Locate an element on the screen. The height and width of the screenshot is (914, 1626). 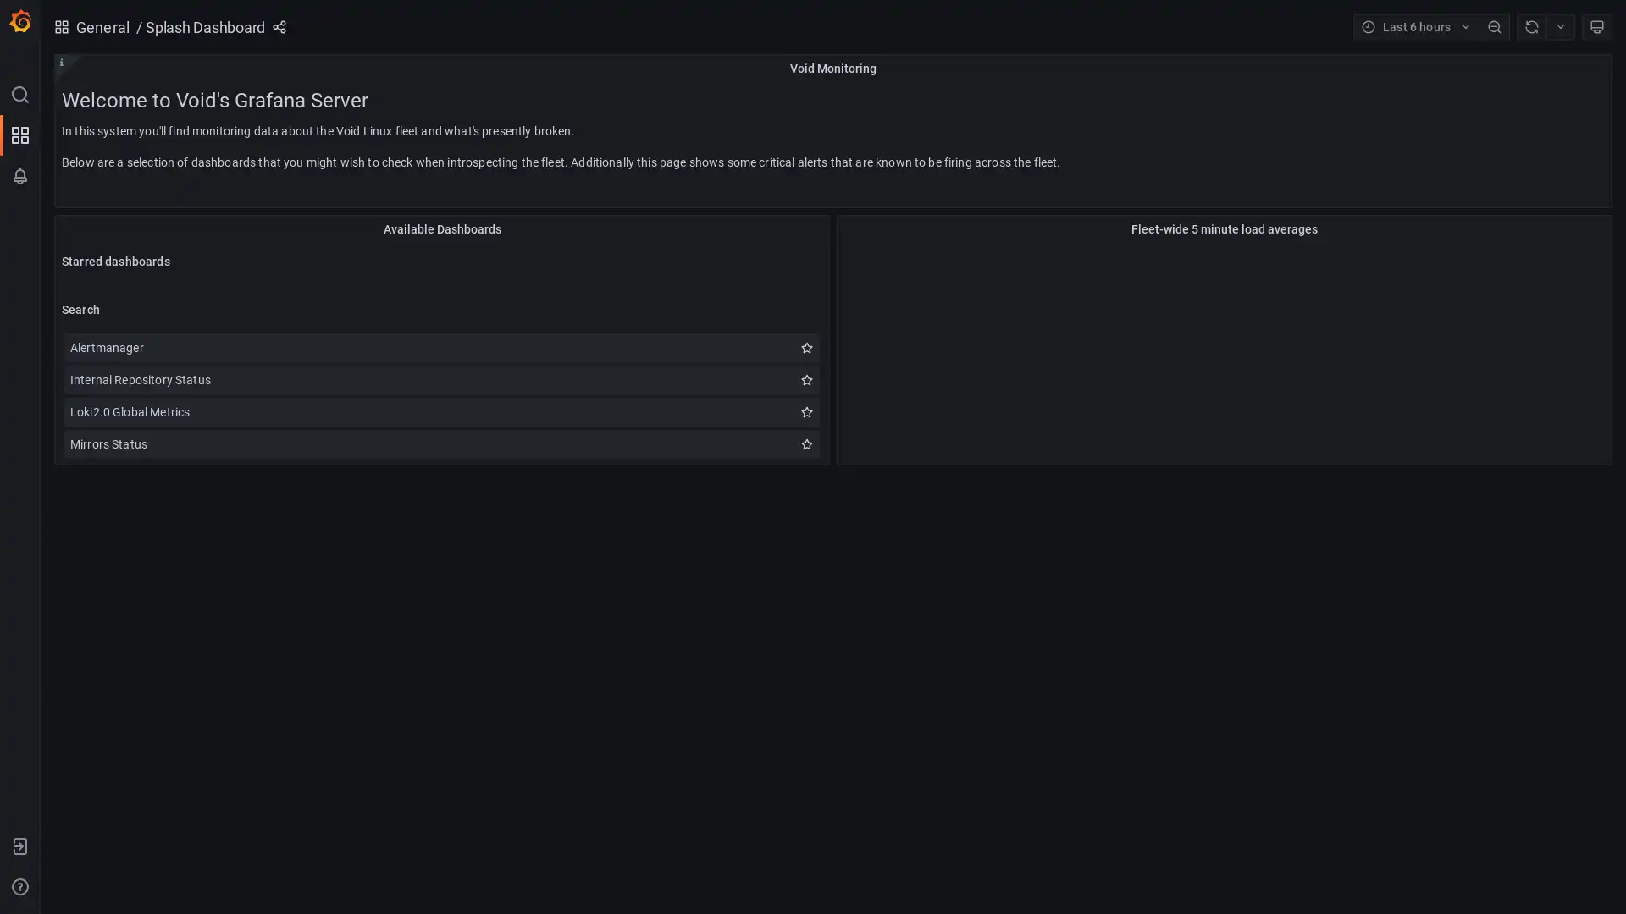
Zoom out time range is located at coordinates (1495, 26).